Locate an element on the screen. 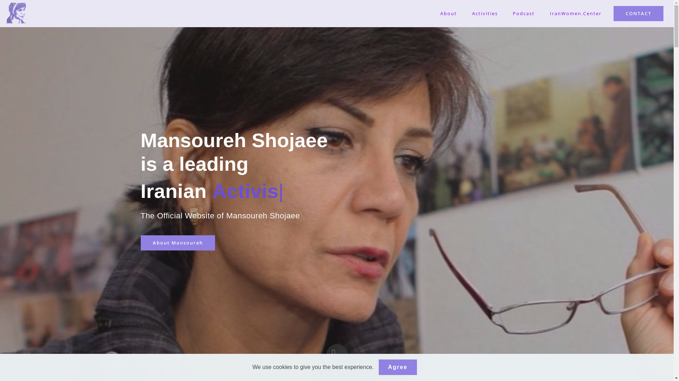 This screenshot has height=381, width=679. 'Mansoureh Shojaee' is located at coordinates (16, 13).